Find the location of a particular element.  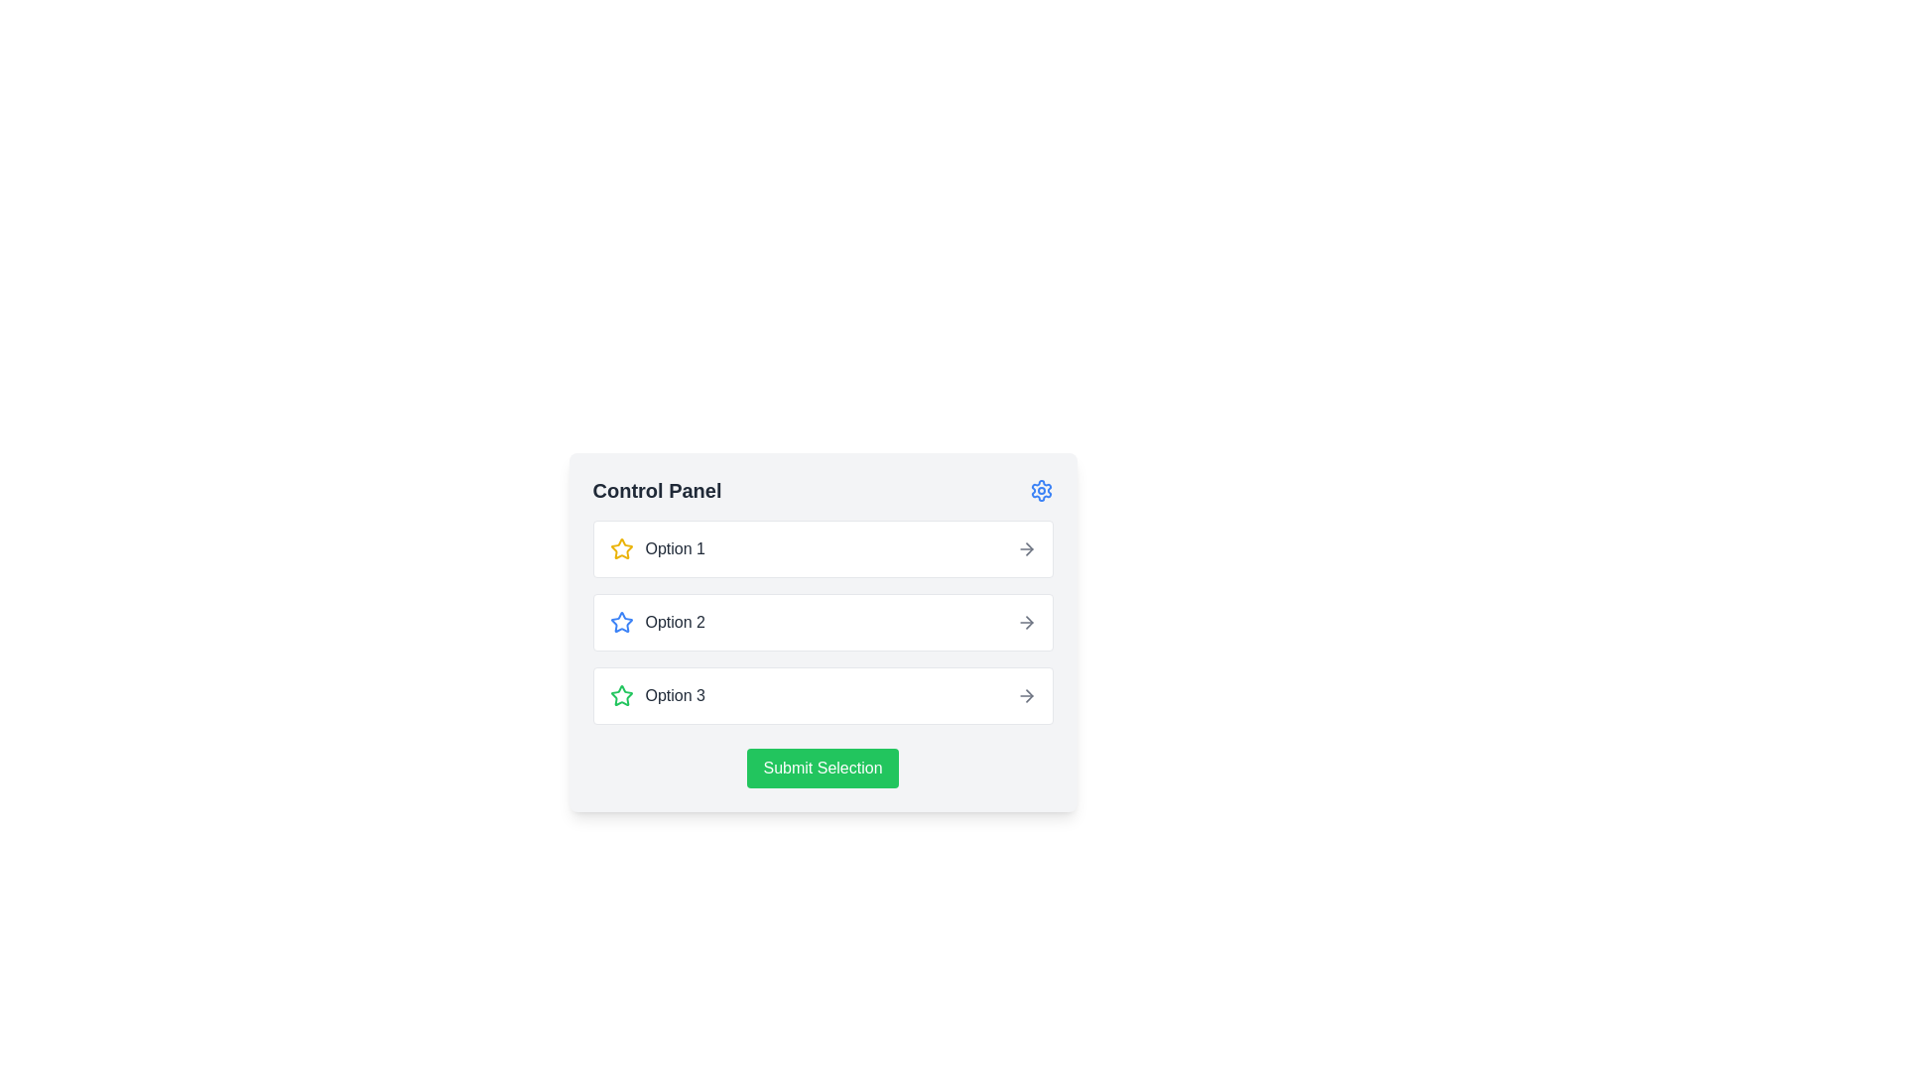

the star icon with a blue outline and lighter blue fill, which is associated with the label 'Option 1' in the control panel layout is located at coordinates (620, 621).